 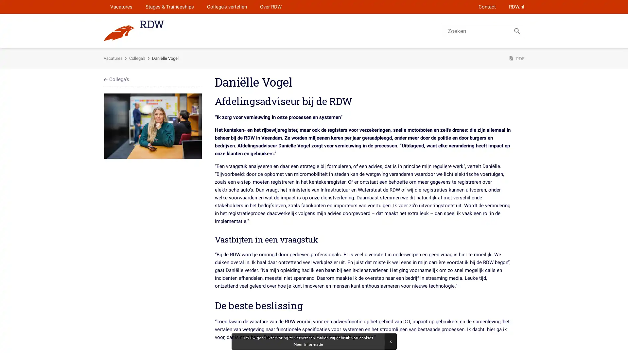 I want to click on Sluiten, so click(x=390, y=341).